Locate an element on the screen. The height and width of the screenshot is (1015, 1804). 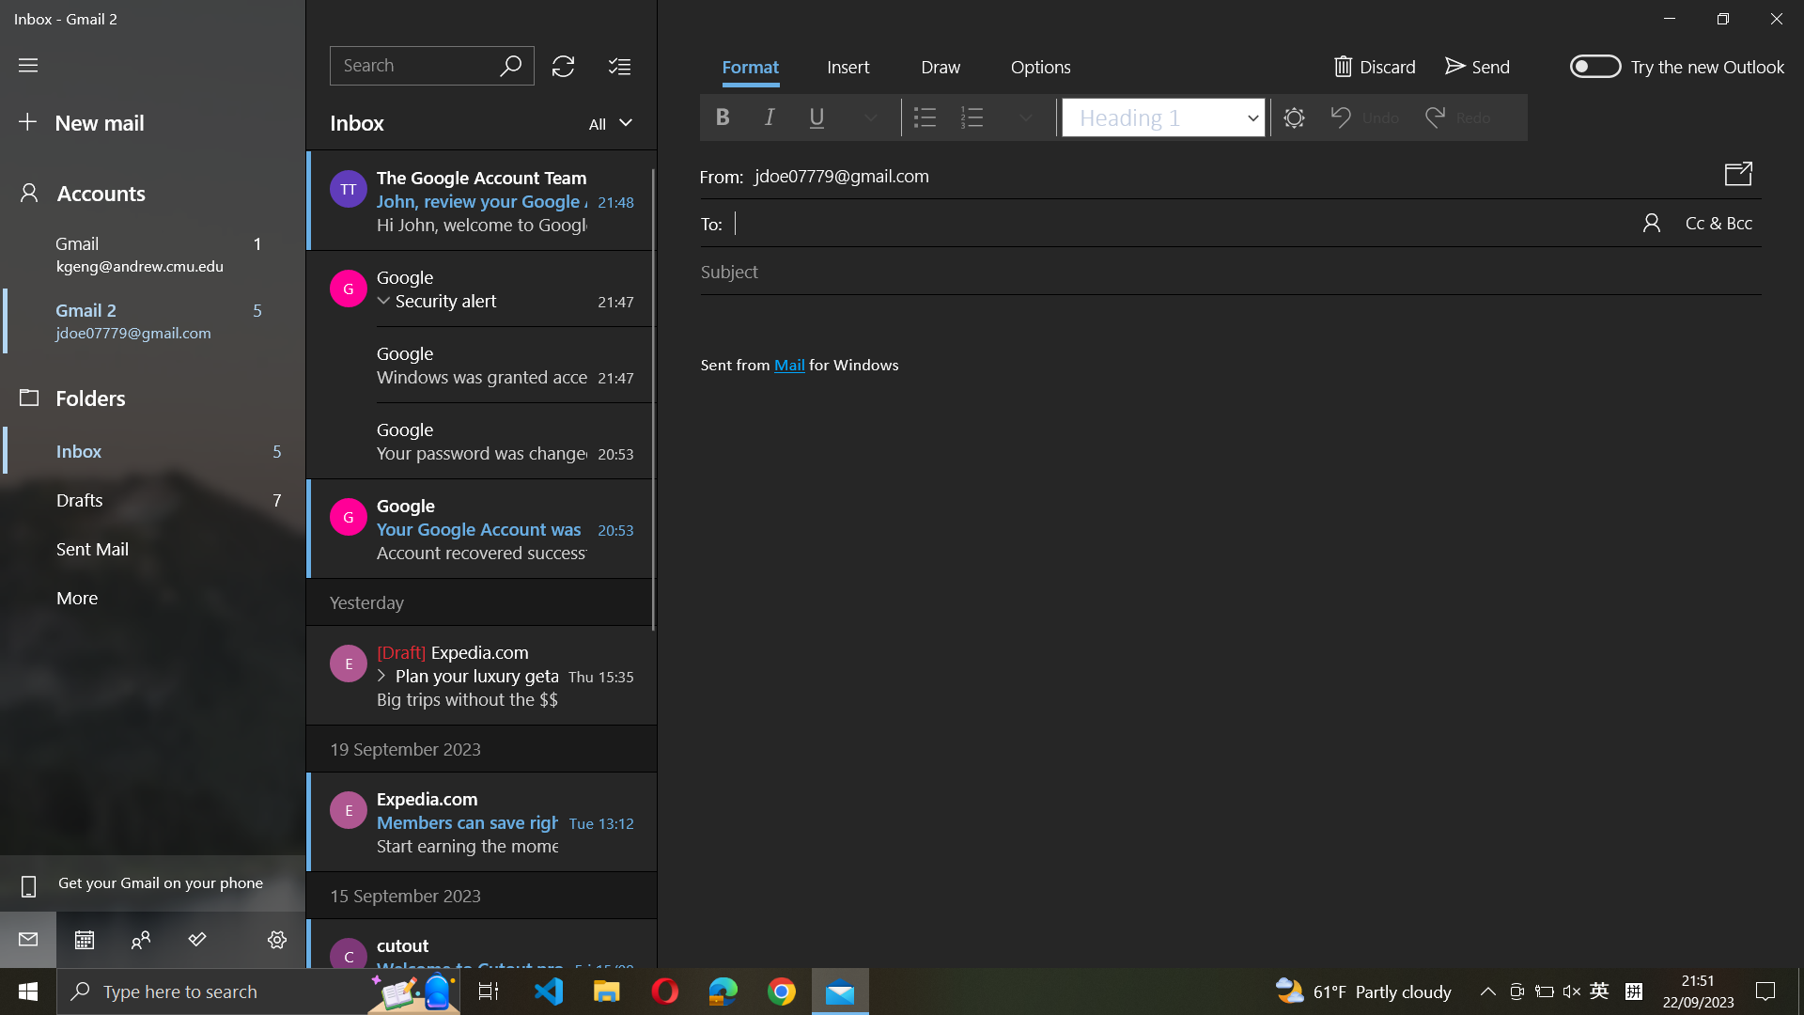
the "Insert" button to add an image is located at coordinates (847, 68).